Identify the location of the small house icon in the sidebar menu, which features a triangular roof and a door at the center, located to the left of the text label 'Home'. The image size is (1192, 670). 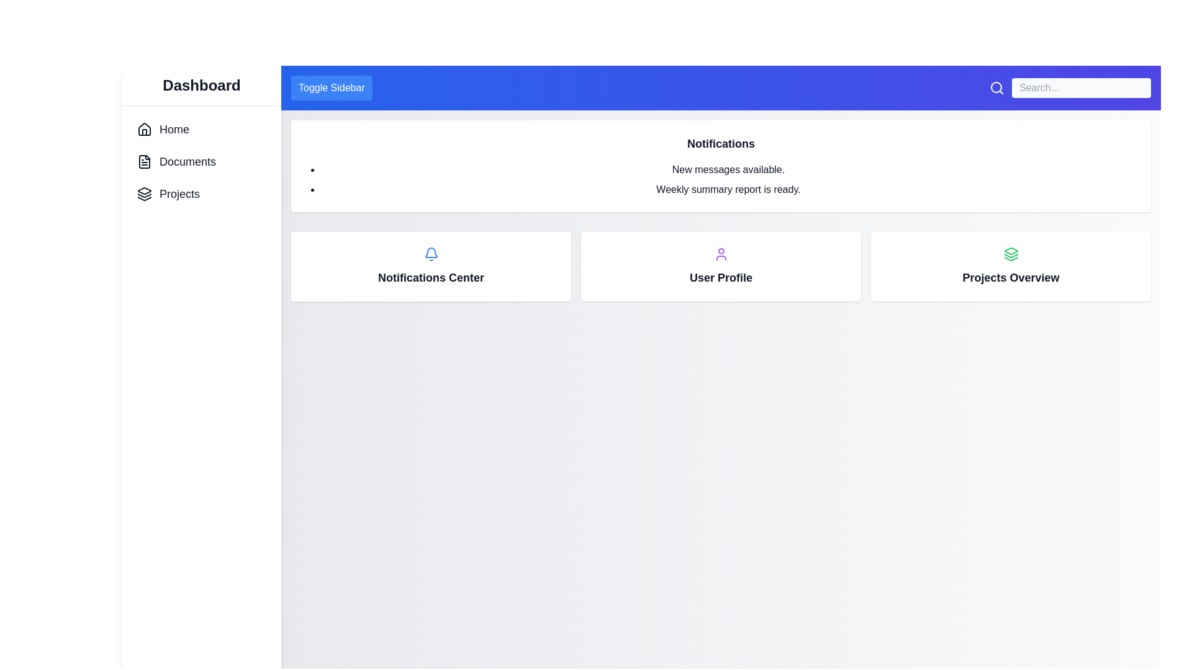
(145, 129).